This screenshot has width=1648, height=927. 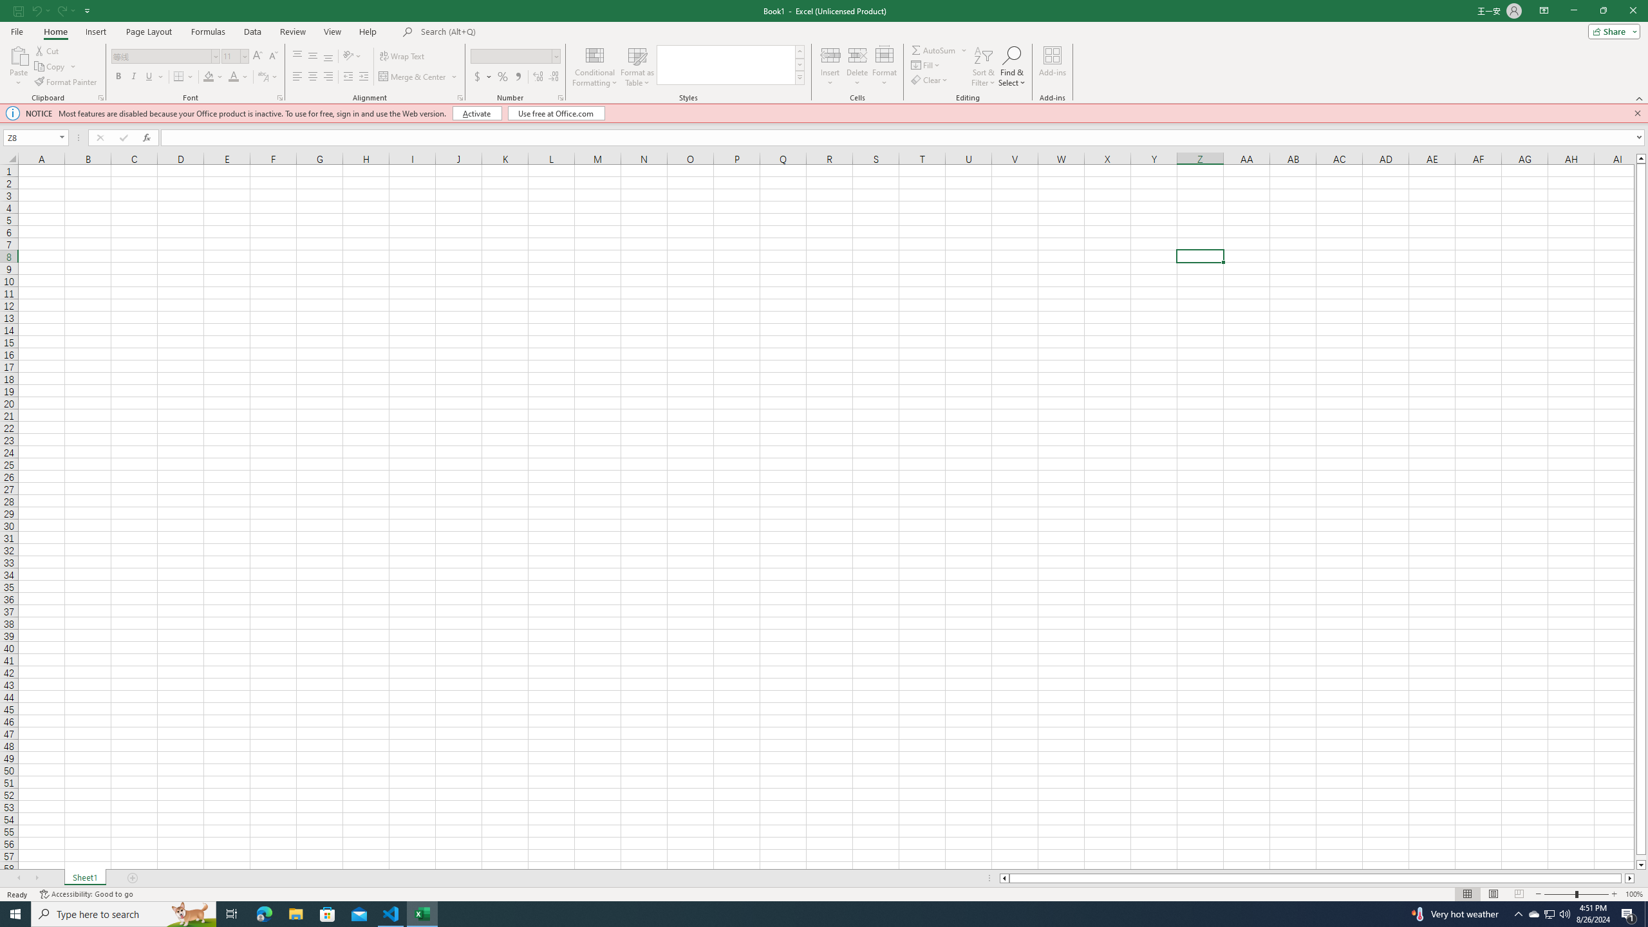 What do you see at coordinates (934, 50) in the screenshot?
I see `'Sum'` at bounding box center [934, 50].